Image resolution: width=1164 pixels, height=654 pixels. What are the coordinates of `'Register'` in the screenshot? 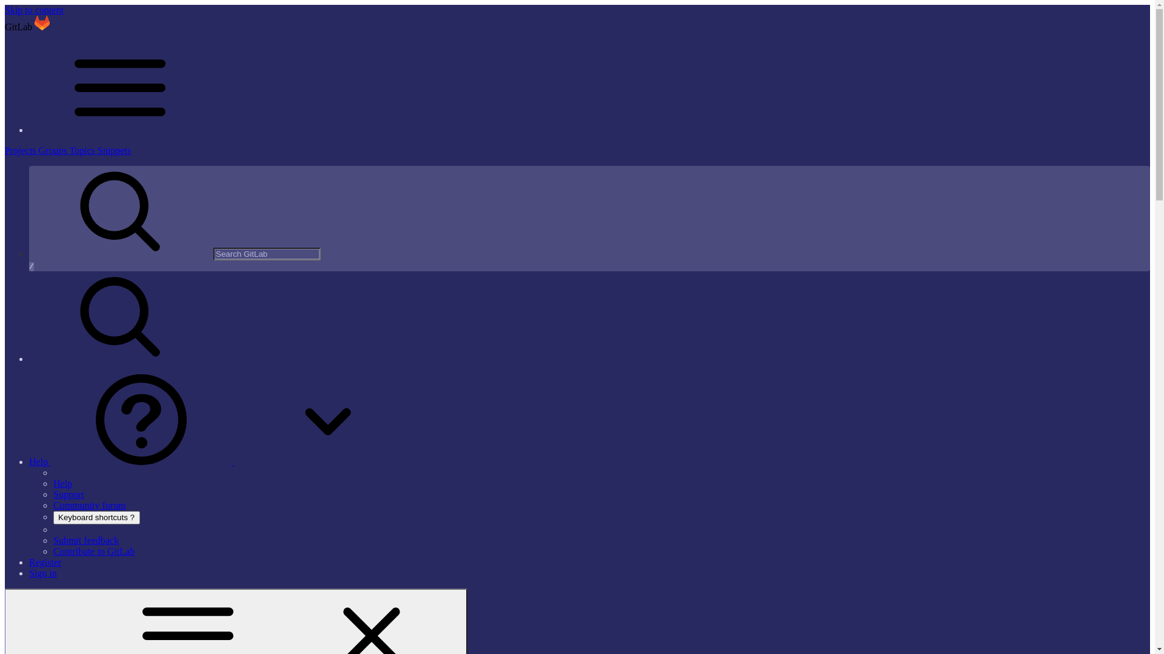 It's located at (45, 562).